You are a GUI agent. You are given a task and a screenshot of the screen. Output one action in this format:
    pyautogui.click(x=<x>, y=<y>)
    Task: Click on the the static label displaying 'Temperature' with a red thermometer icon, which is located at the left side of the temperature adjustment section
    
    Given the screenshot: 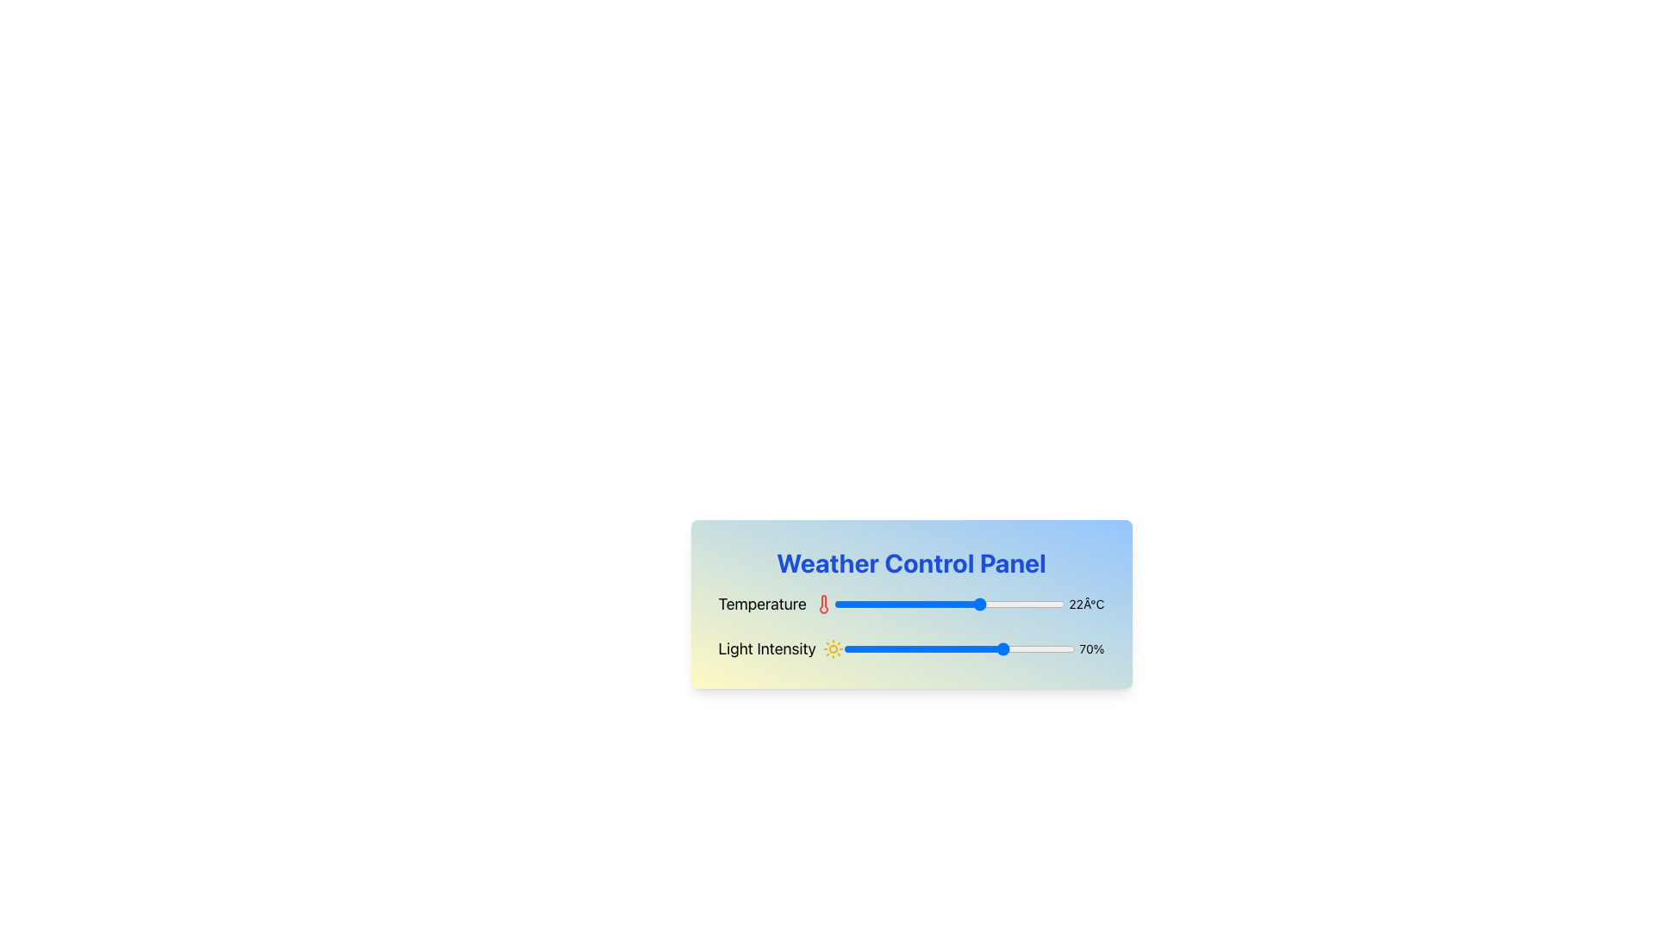 What is the action you would take?
    pyautogui.click(x=775, y=604)
    